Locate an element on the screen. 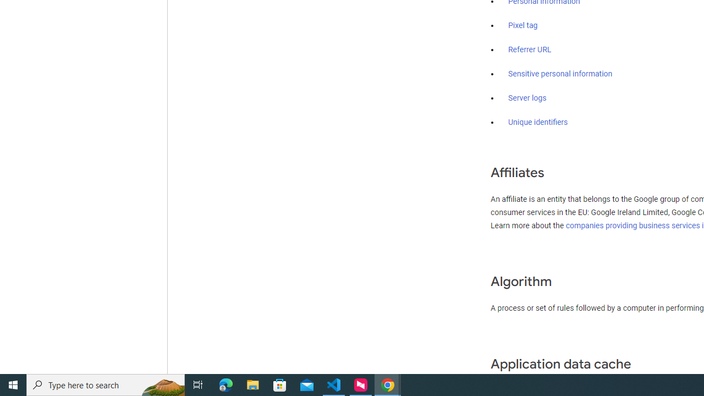 This screenshot has height=396, width=704. 'Pixel tag' is located at coordinates (522, 25).